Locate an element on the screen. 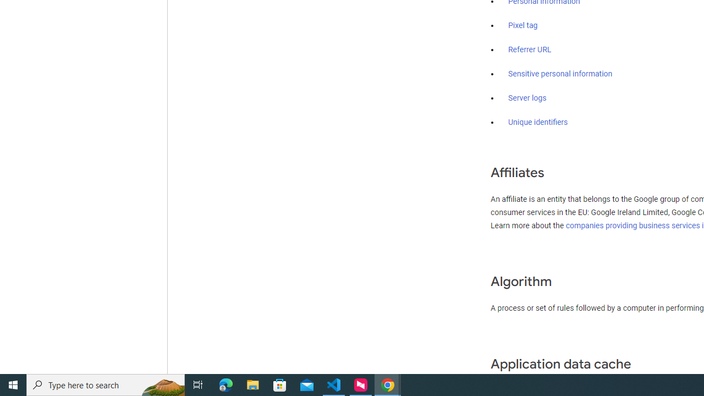 This screenshot has height=396, width=704. 'Pixel tag' is located at coordinates (522, 25).